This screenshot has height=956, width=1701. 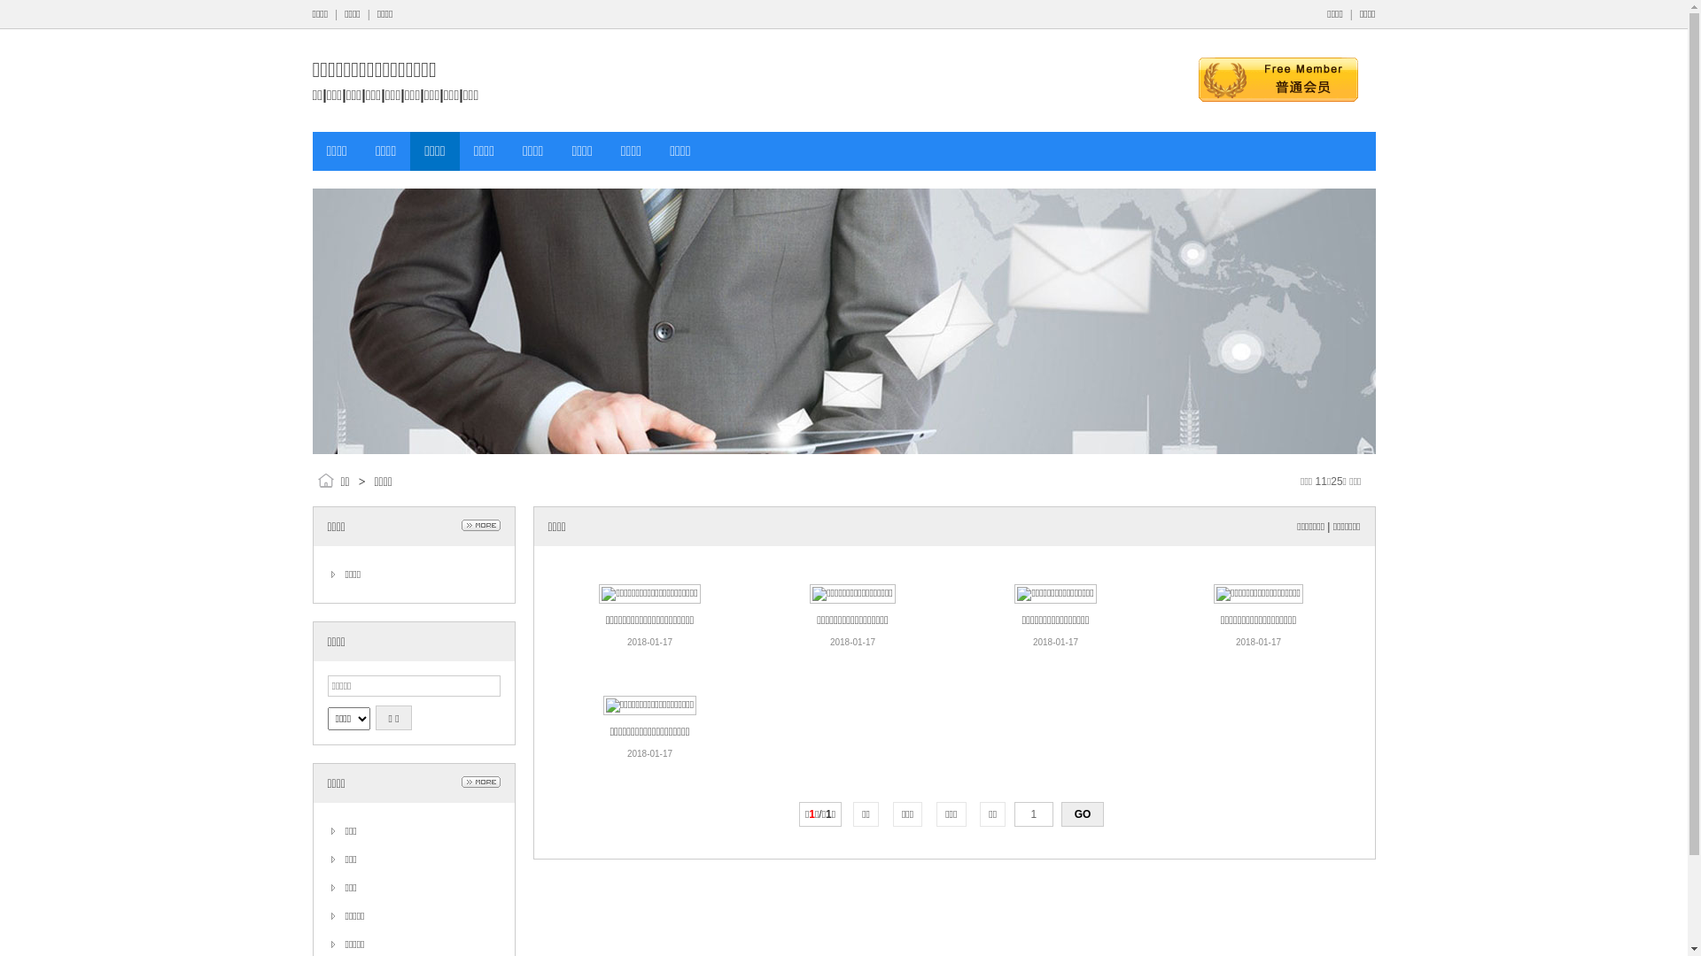 What do you see at coordinates (1082, 814) in the screenshot?
I see `'GO'` at bounding box center [1082, 814].